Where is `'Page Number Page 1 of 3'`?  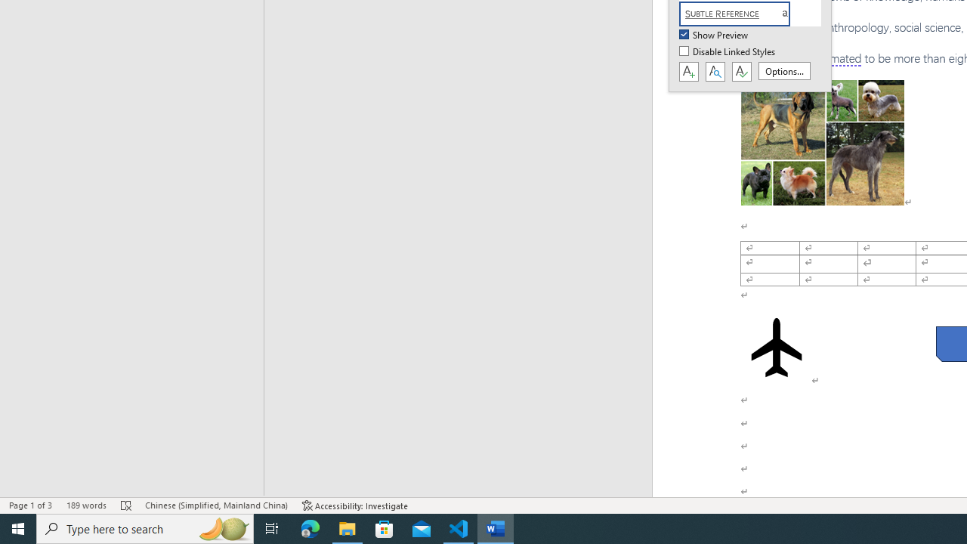
'Page Number Page 1 of 3' is located at coordinates (30, 505).